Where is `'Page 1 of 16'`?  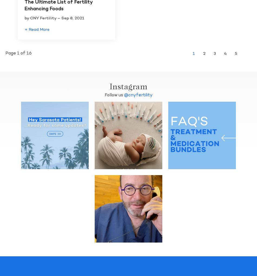 'Page 1 of 16' is located at coordinates (18, 53).